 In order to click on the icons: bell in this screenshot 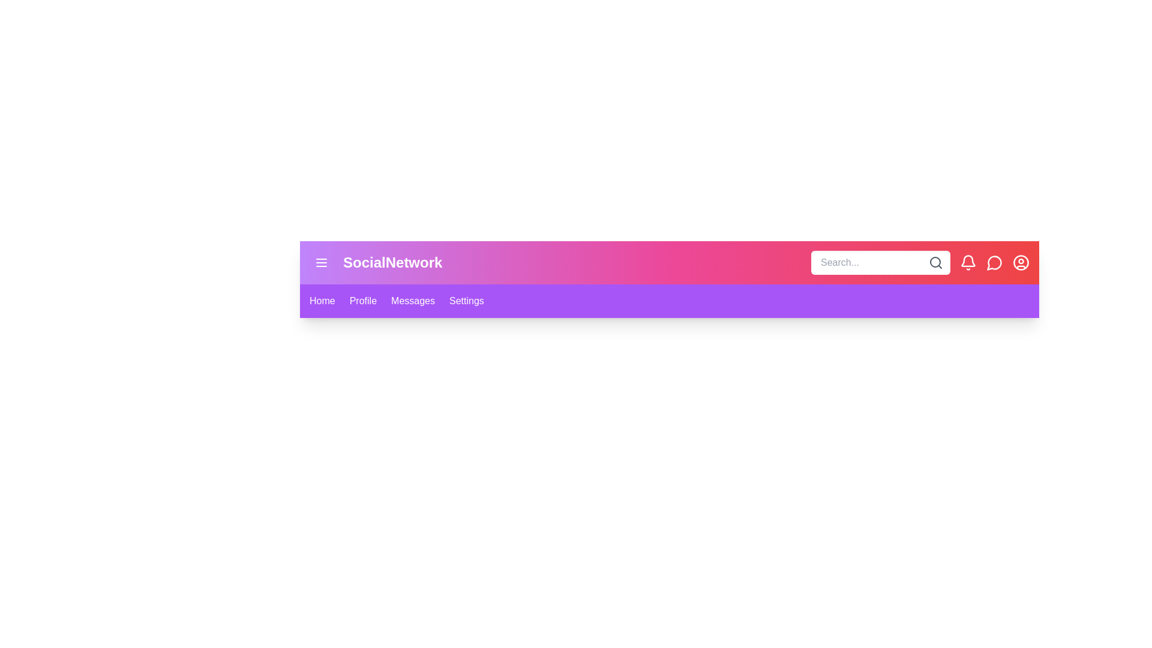, I will do `click(968, 262)`.